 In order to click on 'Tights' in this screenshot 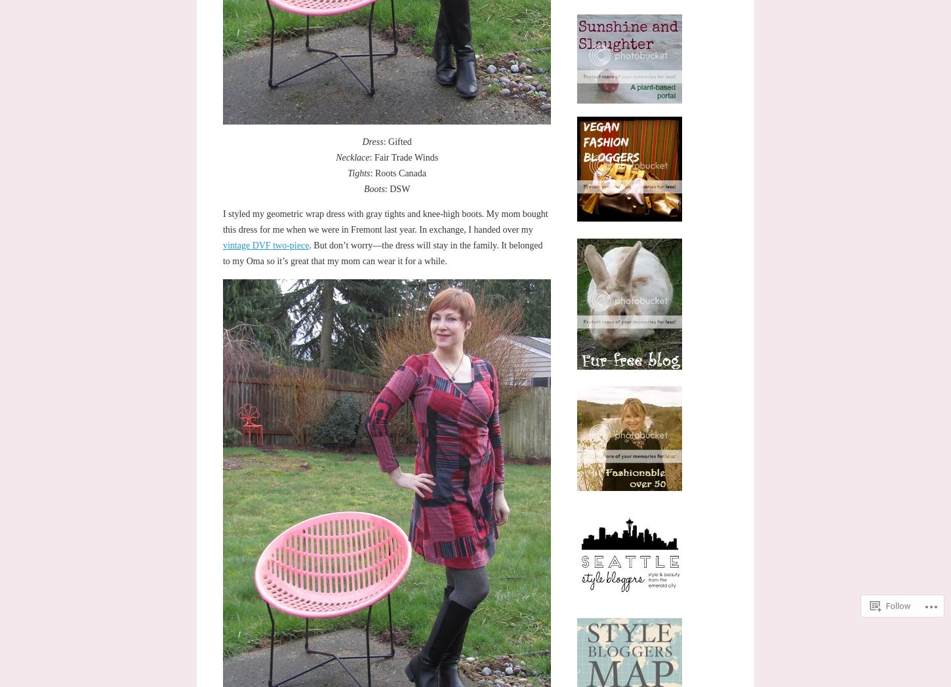, I will do `click(358, 172)`.